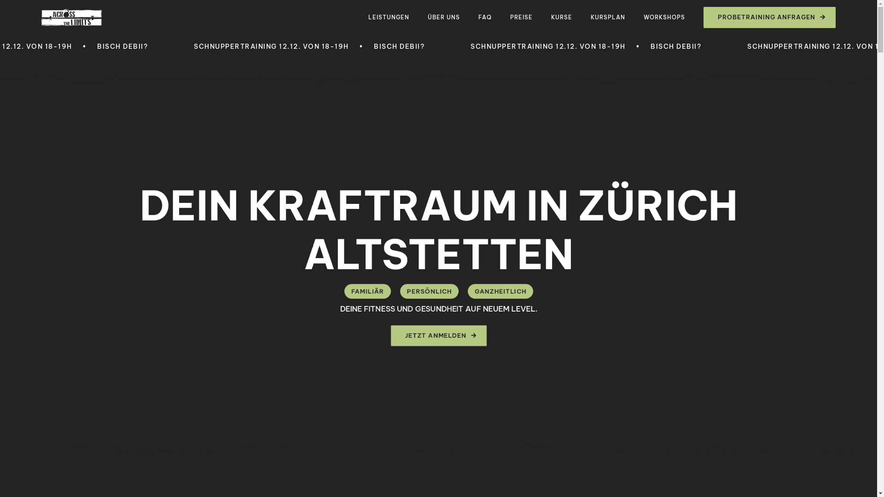 Image resolution: width=884 pixels, height=497 pixels. I want to click on 'LEISTUNGEN', so click(398, 17).